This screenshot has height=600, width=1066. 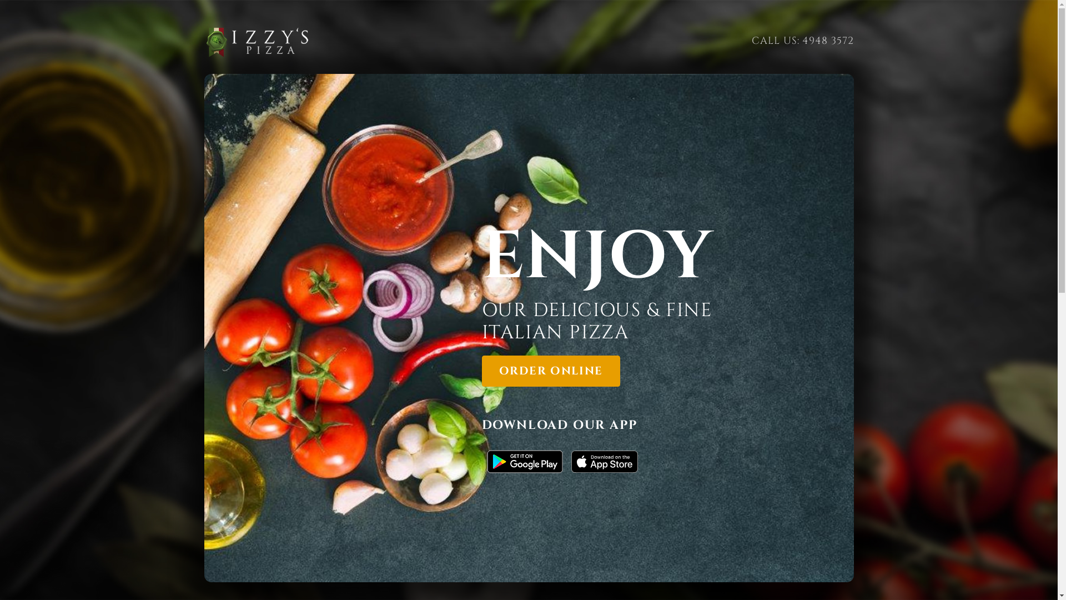 What do you see at coordinates (551, 371) in the screenshot?
I see `'ORDER ONLINE'` at bounding box center [551, 371].